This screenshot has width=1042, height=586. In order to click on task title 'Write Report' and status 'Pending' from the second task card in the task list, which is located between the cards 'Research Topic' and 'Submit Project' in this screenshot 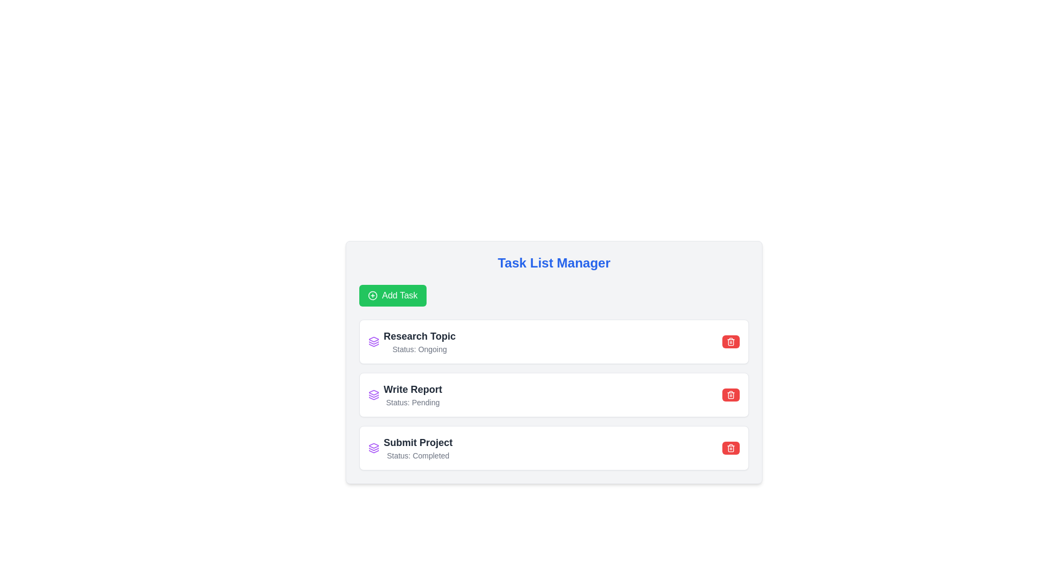, I will do `click(554, 395)`.